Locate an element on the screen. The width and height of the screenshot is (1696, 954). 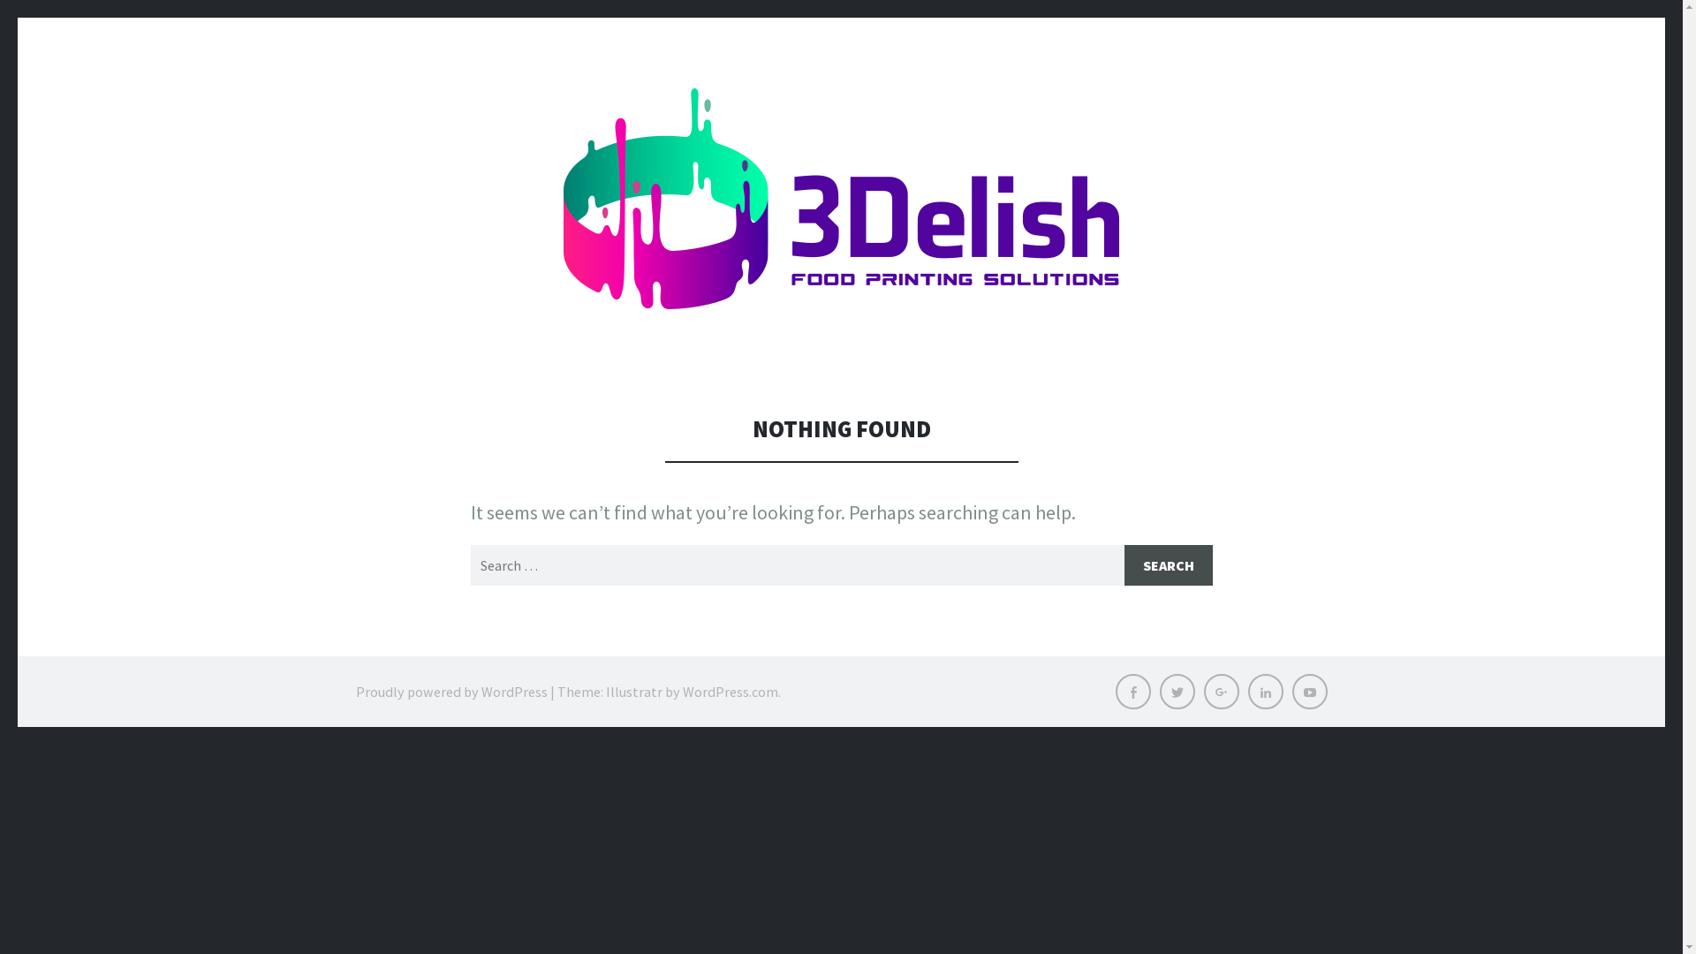
'Facebook' is located at coordinates (1132, 691).